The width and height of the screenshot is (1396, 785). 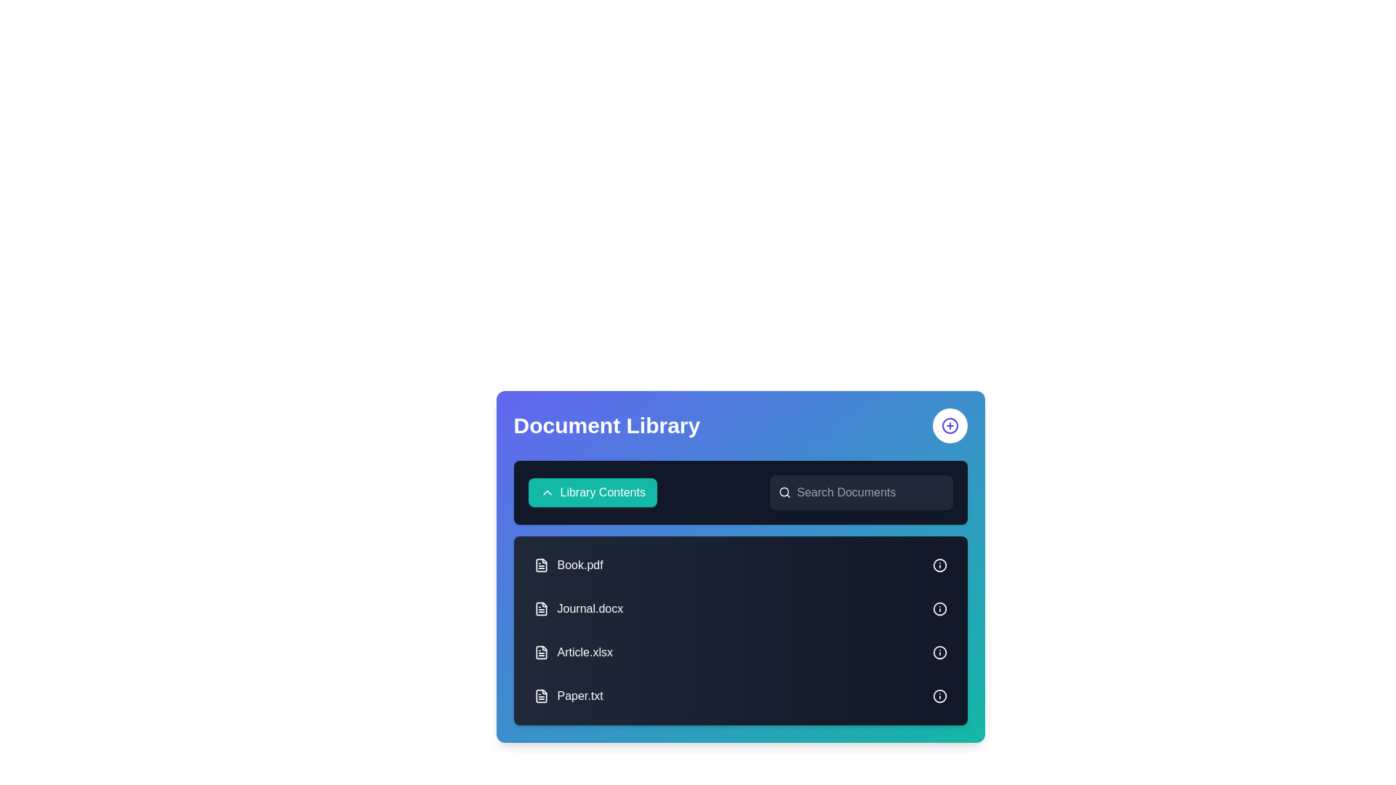 What do you see at coordinates (740, 629) in the screenshot?
I see `the file list panel located centrally in the 'Document Library'` at bounding box center [740, 629].